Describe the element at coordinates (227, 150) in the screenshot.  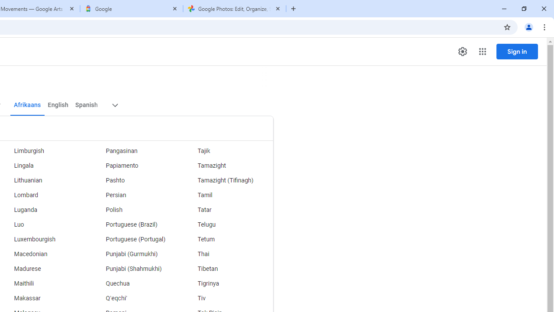
I see `'Tajik'` at that location.